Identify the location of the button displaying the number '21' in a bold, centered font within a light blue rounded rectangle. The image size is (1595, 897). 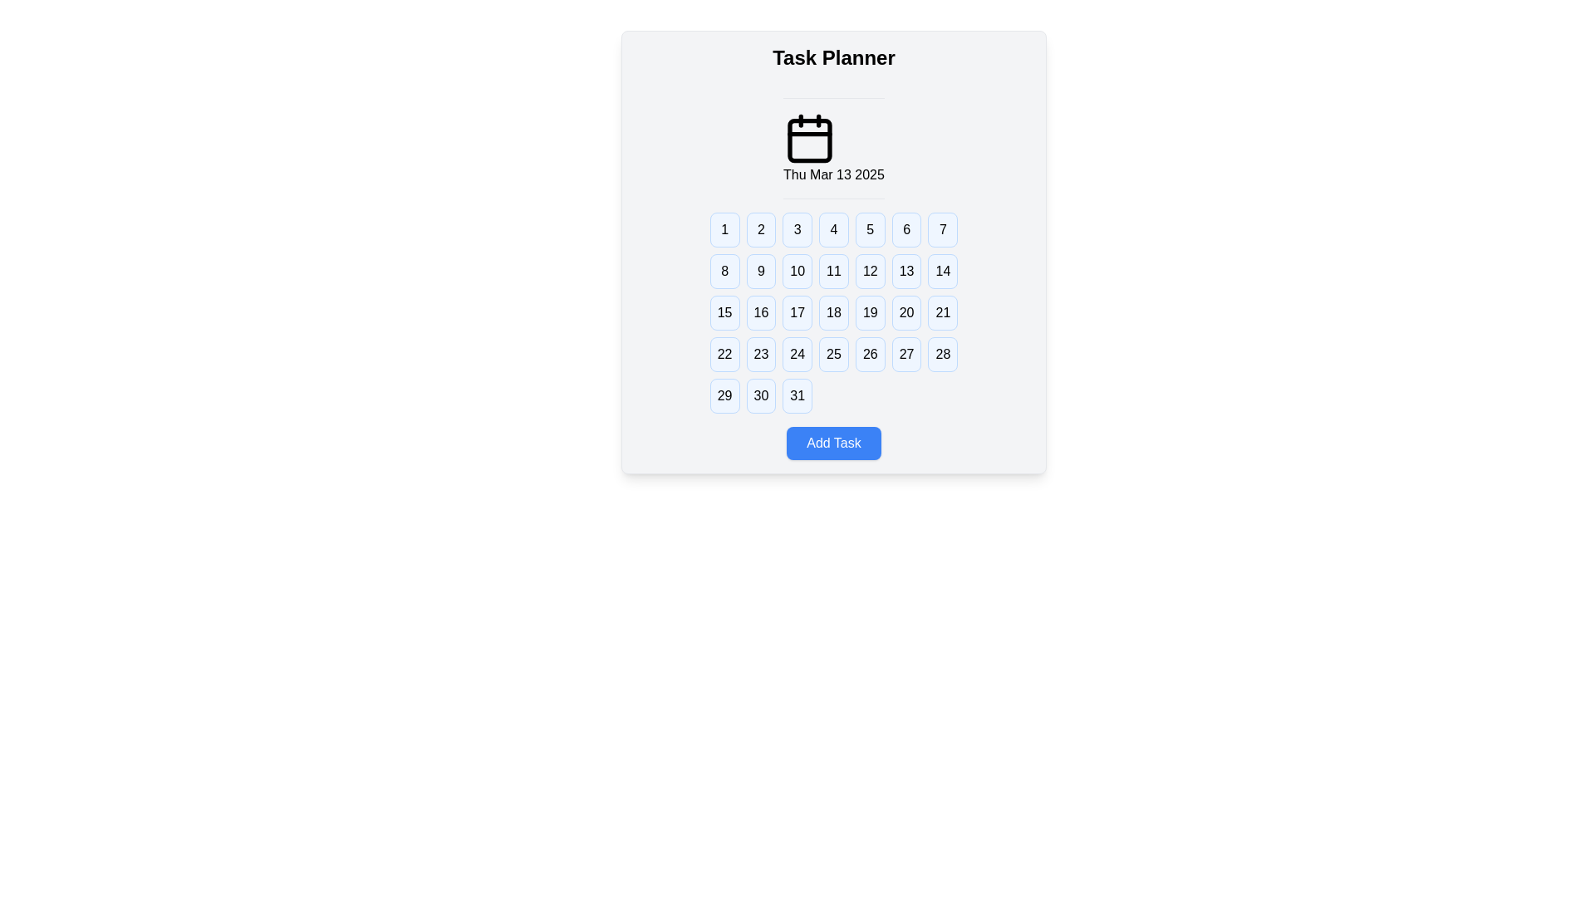
(943, 313).